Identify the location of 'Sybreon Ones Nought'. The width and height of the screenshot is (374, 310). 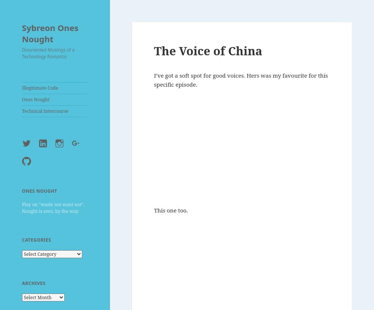
(50, 32).